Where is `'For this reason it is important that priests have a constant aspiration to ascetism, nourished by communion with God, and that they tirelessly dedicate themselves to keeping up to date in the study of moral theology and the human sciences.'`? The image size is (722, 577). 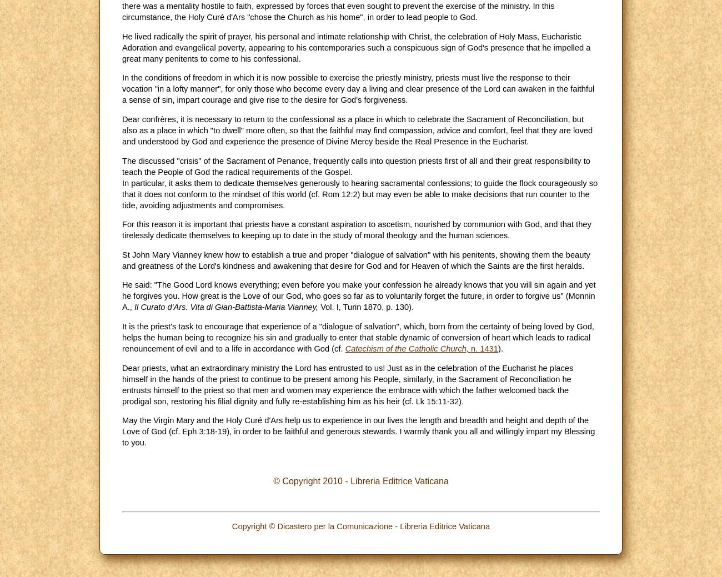 'For this reason it is important that priests have a constant aspiration to ascetism, nourished by communion with God, and that they tirelessly dedicate themselves to keeping up to date in the study of moral theology and the human sciences.' is located at coordinates (356, 229).